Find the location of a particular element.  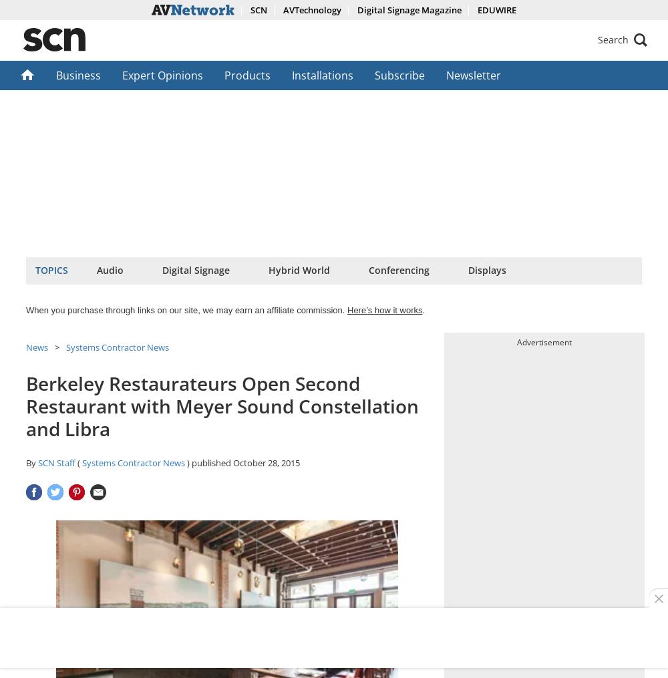

'Topics' is located at coordinates (51, 270).